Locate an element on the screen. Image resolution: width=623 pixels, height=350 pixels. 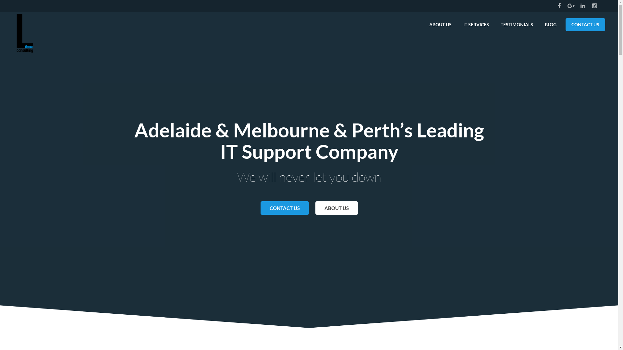
'IT SERVICES' is located at coordinates (457, 24).